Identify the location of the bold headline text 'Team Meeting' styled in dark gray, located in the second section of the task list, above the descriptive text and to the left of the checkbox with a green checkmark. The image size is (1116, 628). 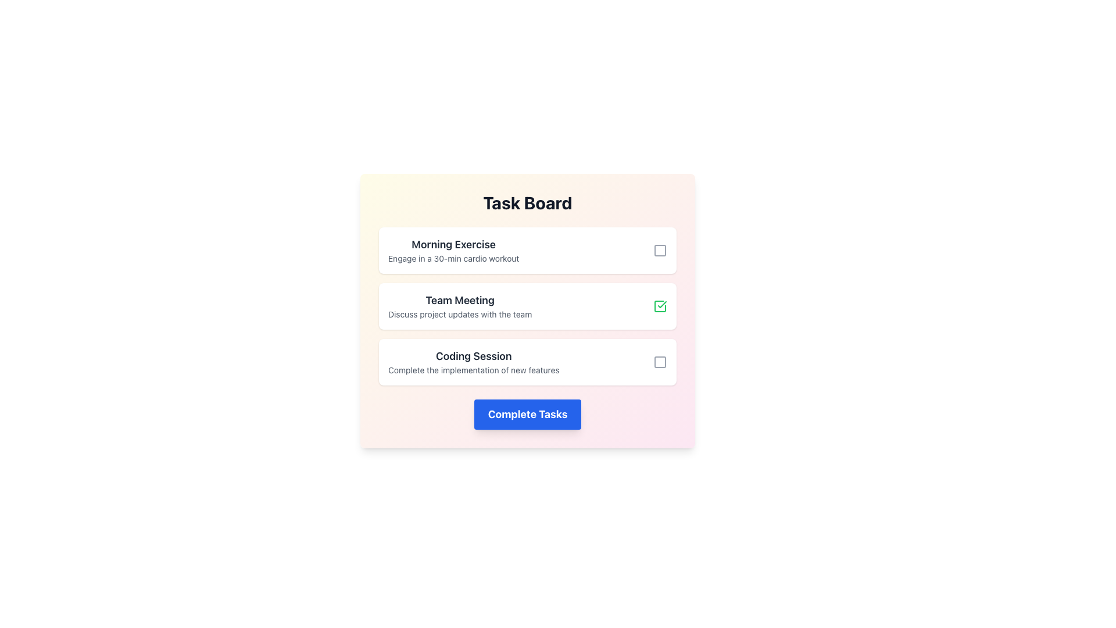
(459, 299).